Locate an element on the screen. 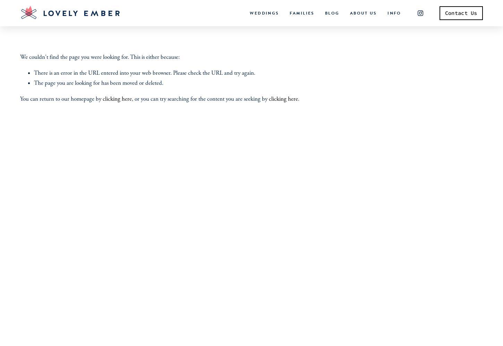 The height and width of the screenshot is (346, 503). 'The page you are looking for has been moved or deleted.' is located at coordinates (34, 82).